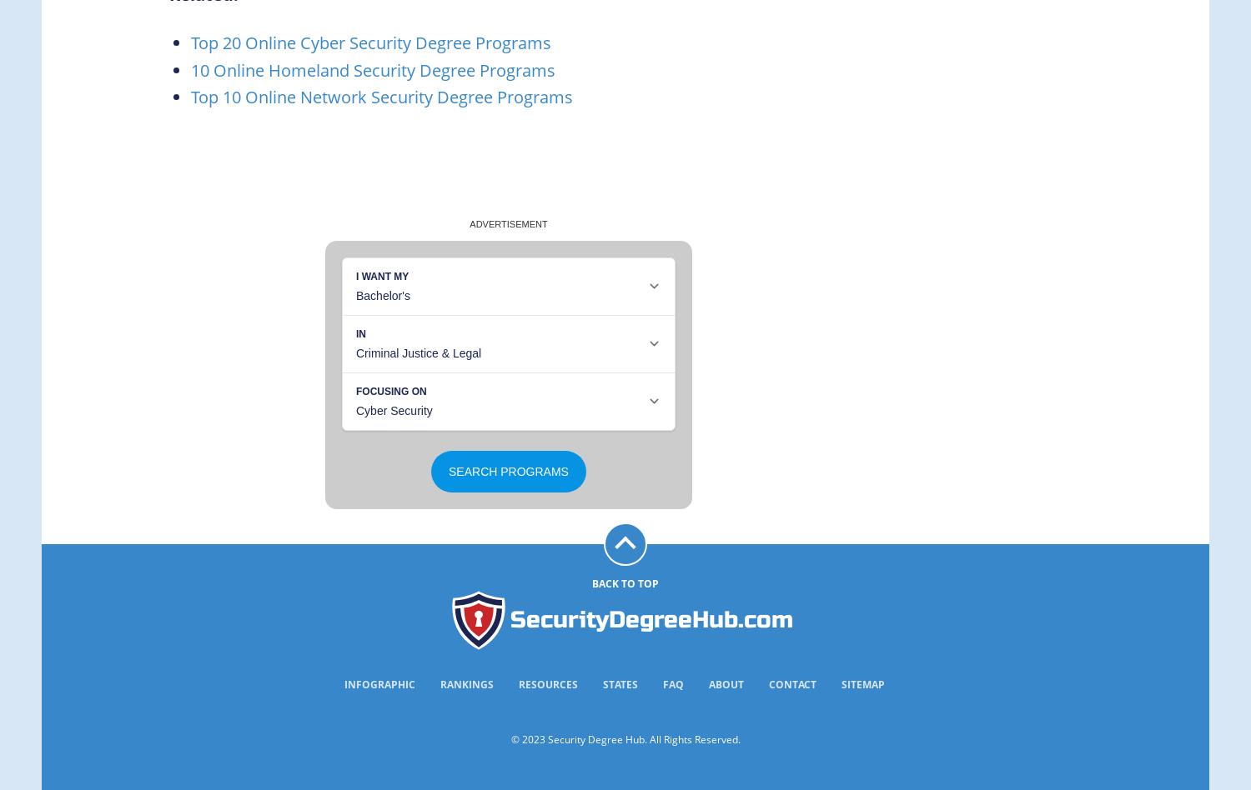  I want to click on 'Top 10 Online Network Security Degree Programs', so click(380, 97).